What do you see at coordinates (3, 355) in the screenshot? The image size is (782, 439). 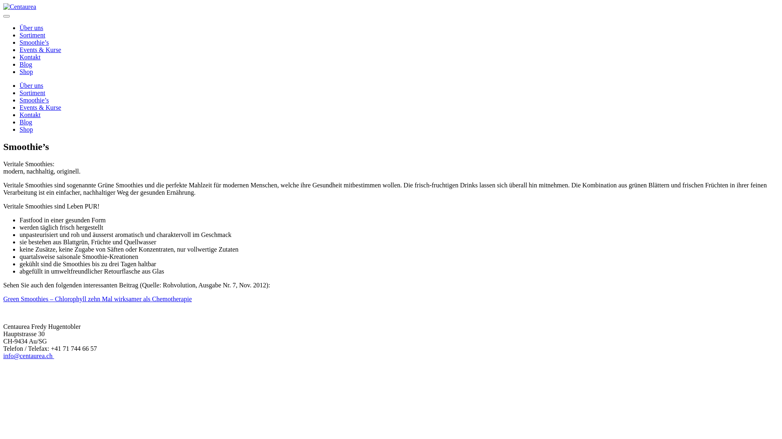 I see `'info@centaurea.ch '` at bounding box center [3, 355].